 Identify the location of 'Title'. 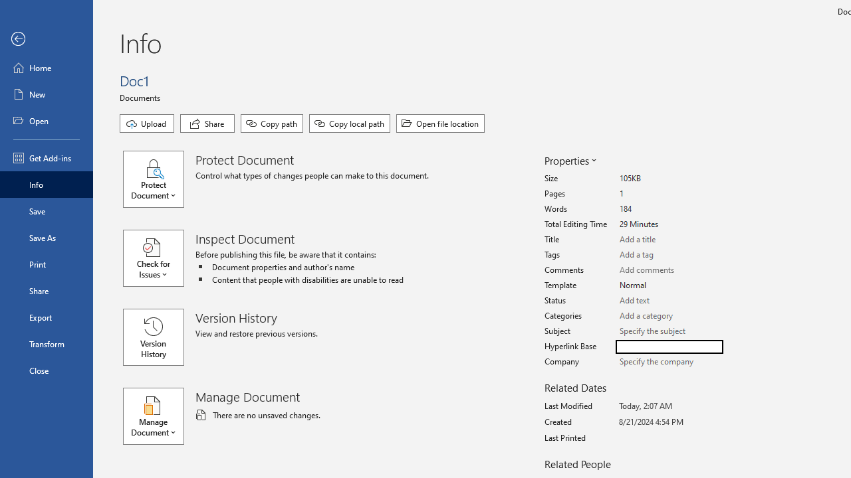
(669, 240).